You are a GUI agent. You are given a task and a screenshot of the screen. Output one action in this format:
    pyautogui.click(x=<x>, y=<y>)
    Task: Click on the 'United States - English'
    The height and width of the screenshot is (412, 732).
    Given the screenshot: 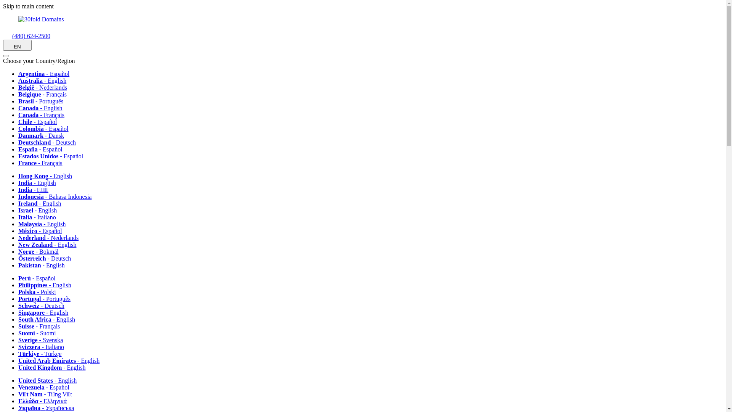 What is the action you would take?
    pyautogui.click(x=50, y=380)
    